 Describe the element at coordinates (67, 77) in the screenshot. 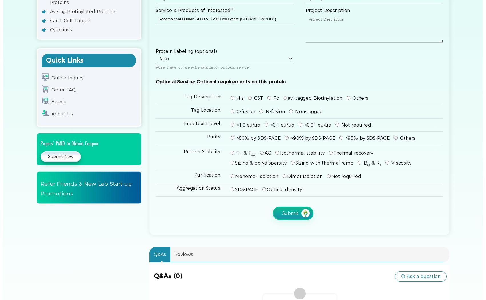

I see `'Online Inquiry'` at that location.